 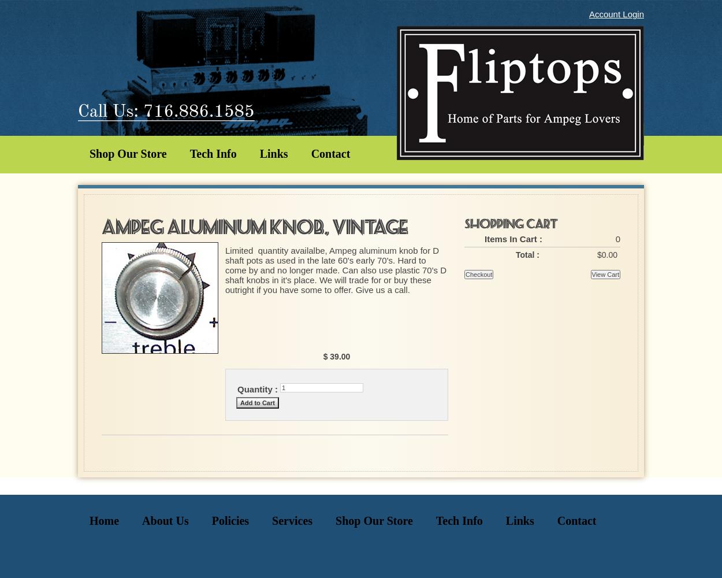 What do you see at coordinates (616, 14) in the screenshot?
I see `'Account Login'` at bounding box center [616, 14].